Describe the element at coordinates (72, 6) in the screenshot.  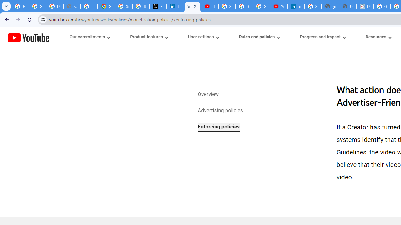
I see `'support.google.com - Network error'` at that location.